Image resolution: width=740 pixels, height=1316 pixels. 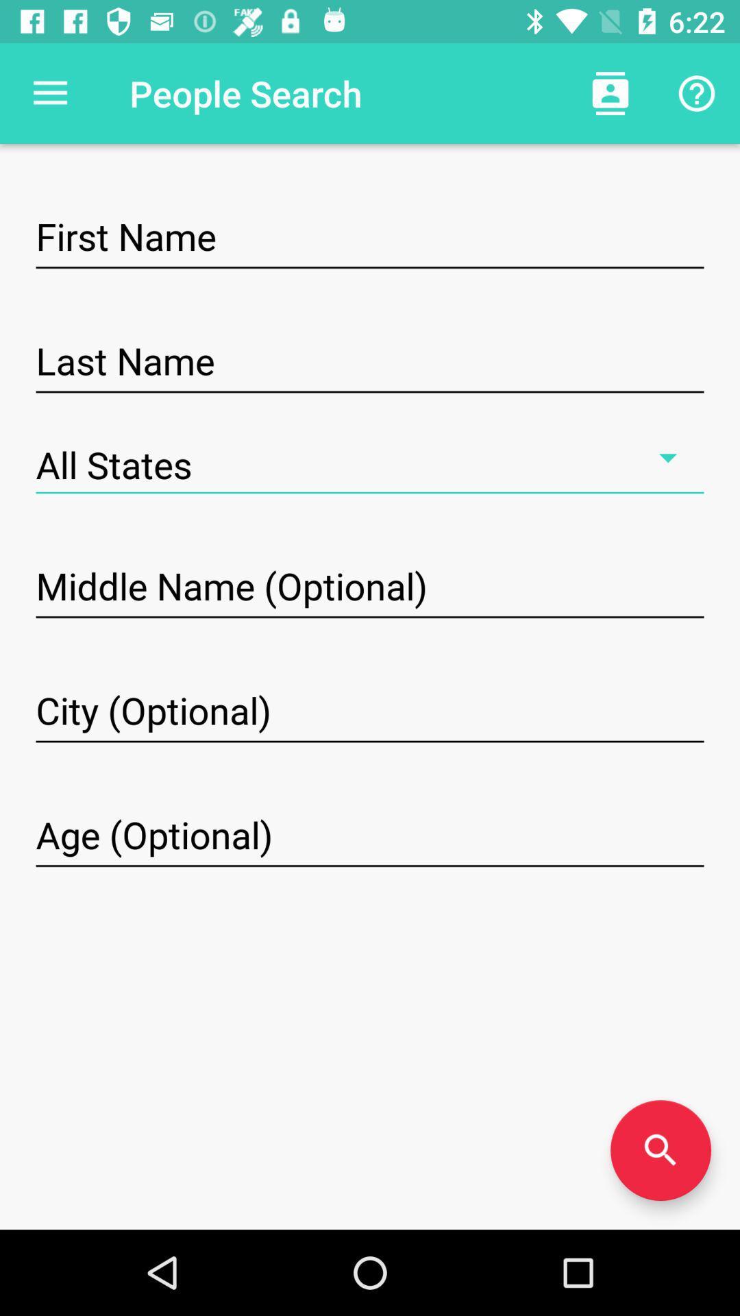 What do you see at coordinates (660, 1150) in the screenshot?
I see `the search icon` at bounding box center [660, 1150].